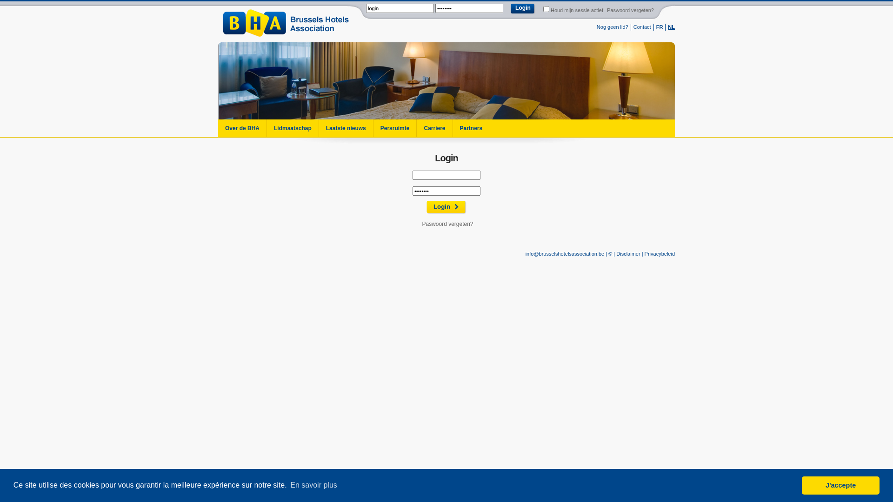 The width and height of the screenshot is (893, 502). I want to click on 'En savoir plus', so click(313, 485).